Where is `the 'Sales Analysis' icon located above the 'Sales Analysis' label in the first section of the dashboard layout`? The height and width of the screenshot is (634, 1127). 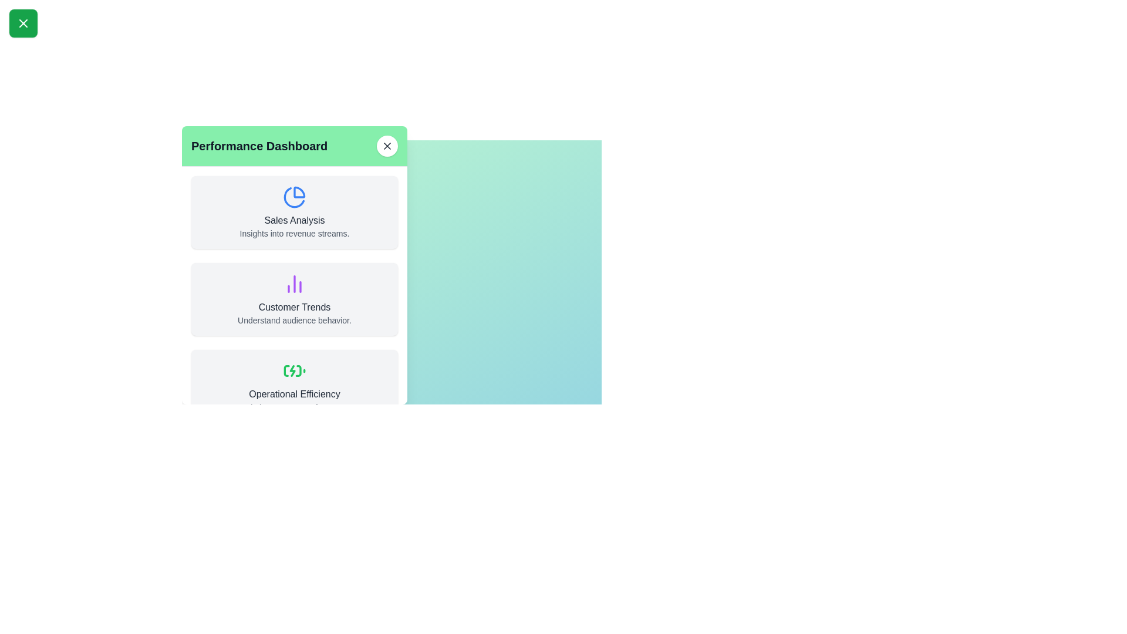
the 'Sales Analysis' icon located above the 'Sales Analysis' label in the first section of the dashboard layout is located at coordinates (294, 197).